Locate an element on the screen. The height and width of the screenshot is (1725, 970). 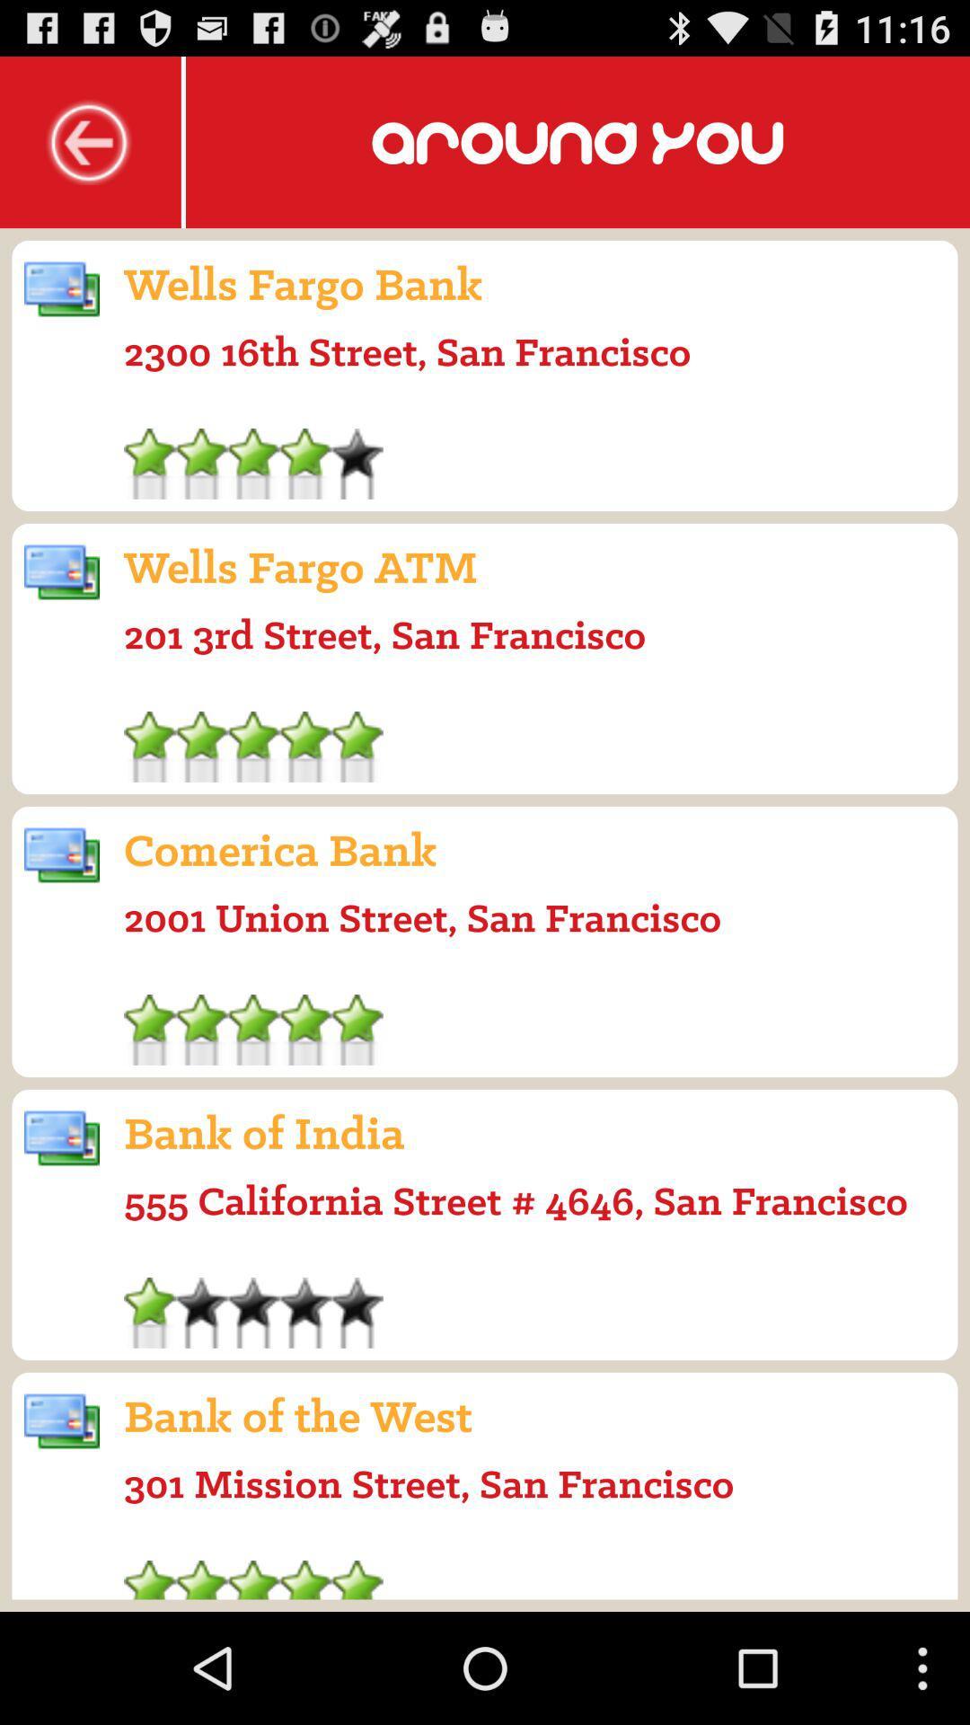
555 california street item is located at coordinates (516, 1200).